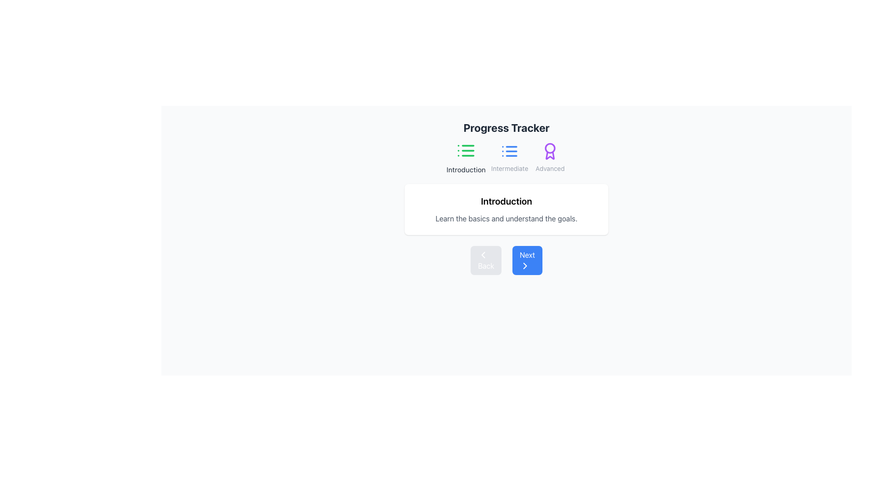  I want to click on the small, stylized polygonal shape filled with a purple hue that indicates an award or achievement within the progress tracker UI, so click(549, 155).